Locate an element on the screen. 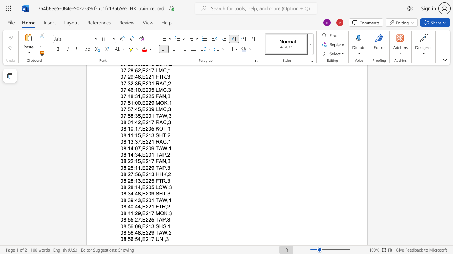 Image resolution: width=453 pixels, height=254 pixels. the subset text ":5" within the text "08:56:08,E213,SHS,1" is located at coordinates (126, 226).